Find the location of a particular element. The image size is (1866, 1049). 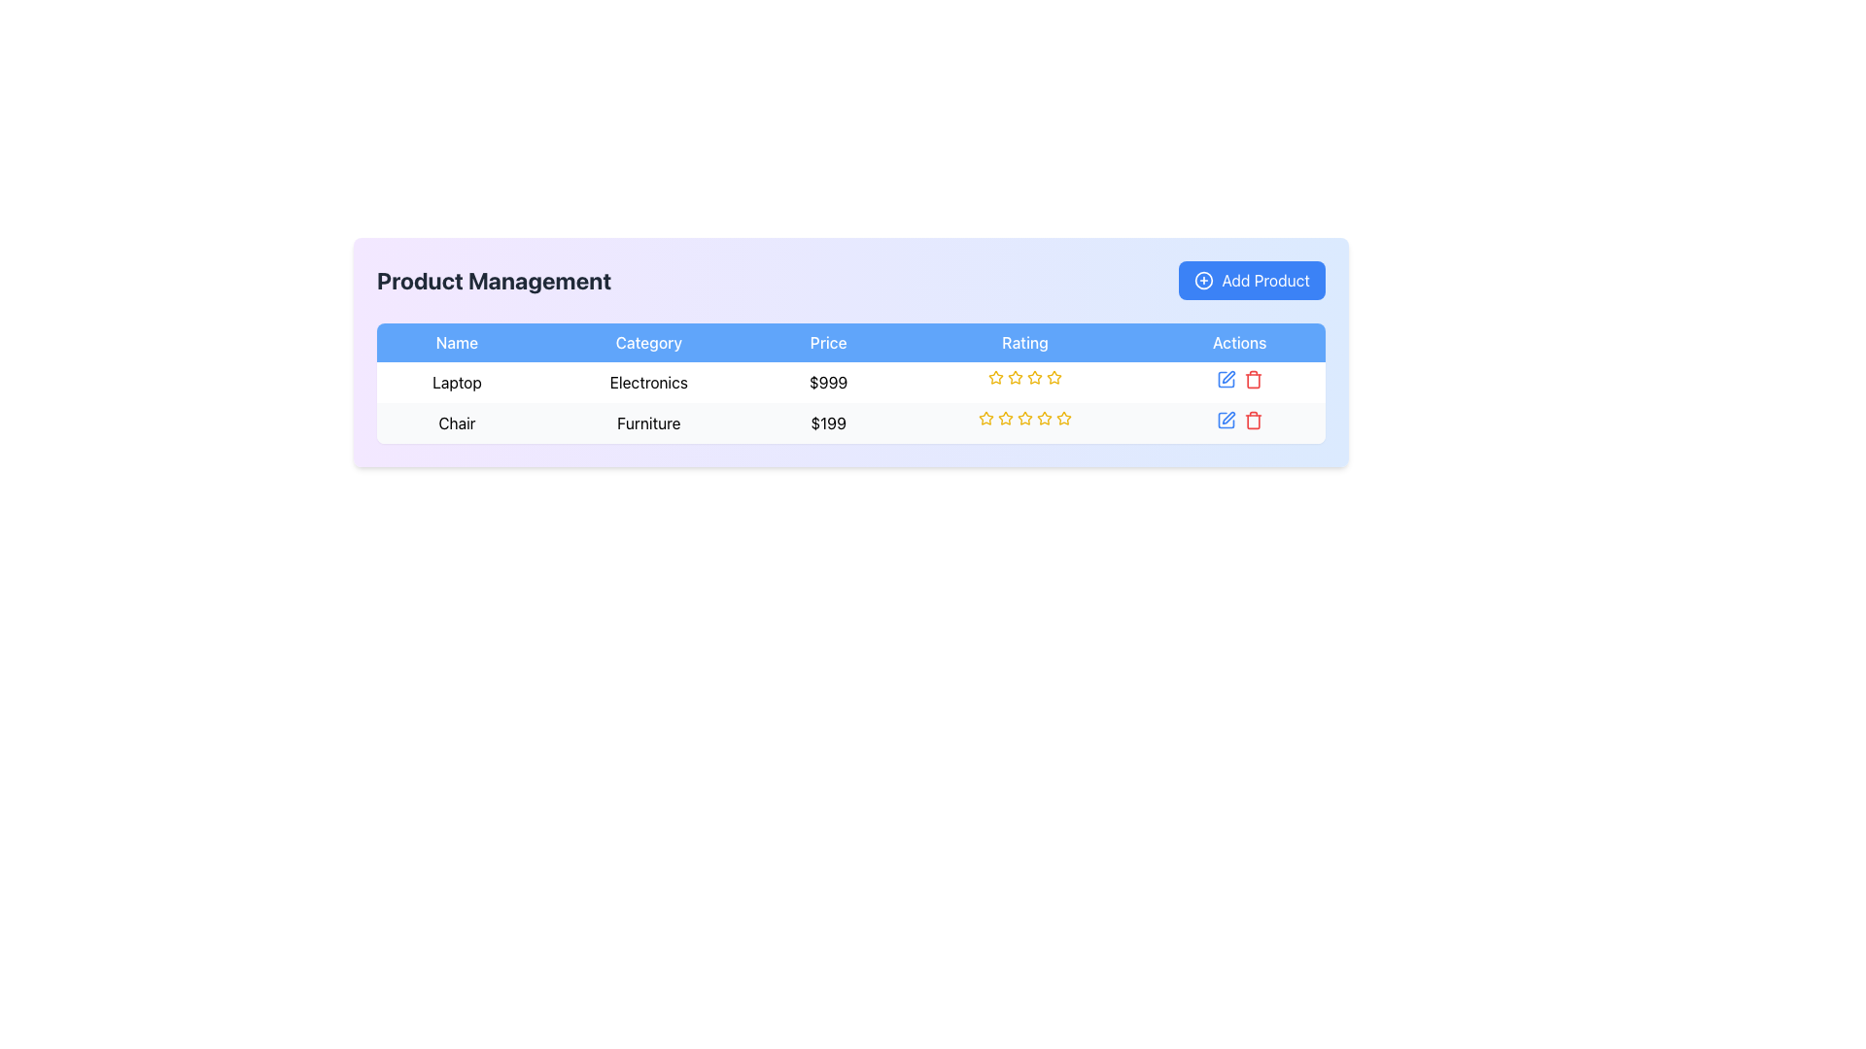

the decorative graphical element (circle) that symbolizes addition, located within the 'Add Product' button at the top-right corner of the interface is located at coordinates (1203, 281).